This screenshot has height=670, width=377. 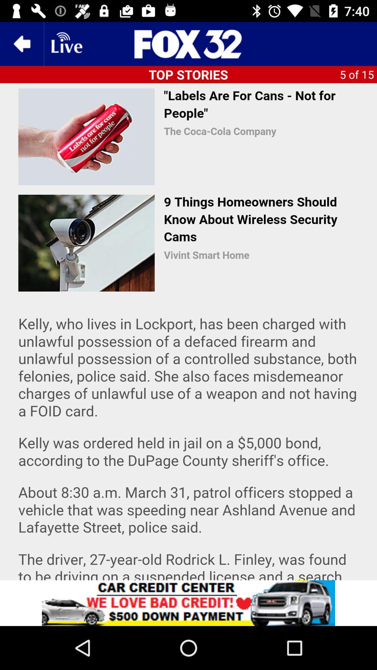 I want to click on the arrow_backward icon, so click(x=21, y=43).